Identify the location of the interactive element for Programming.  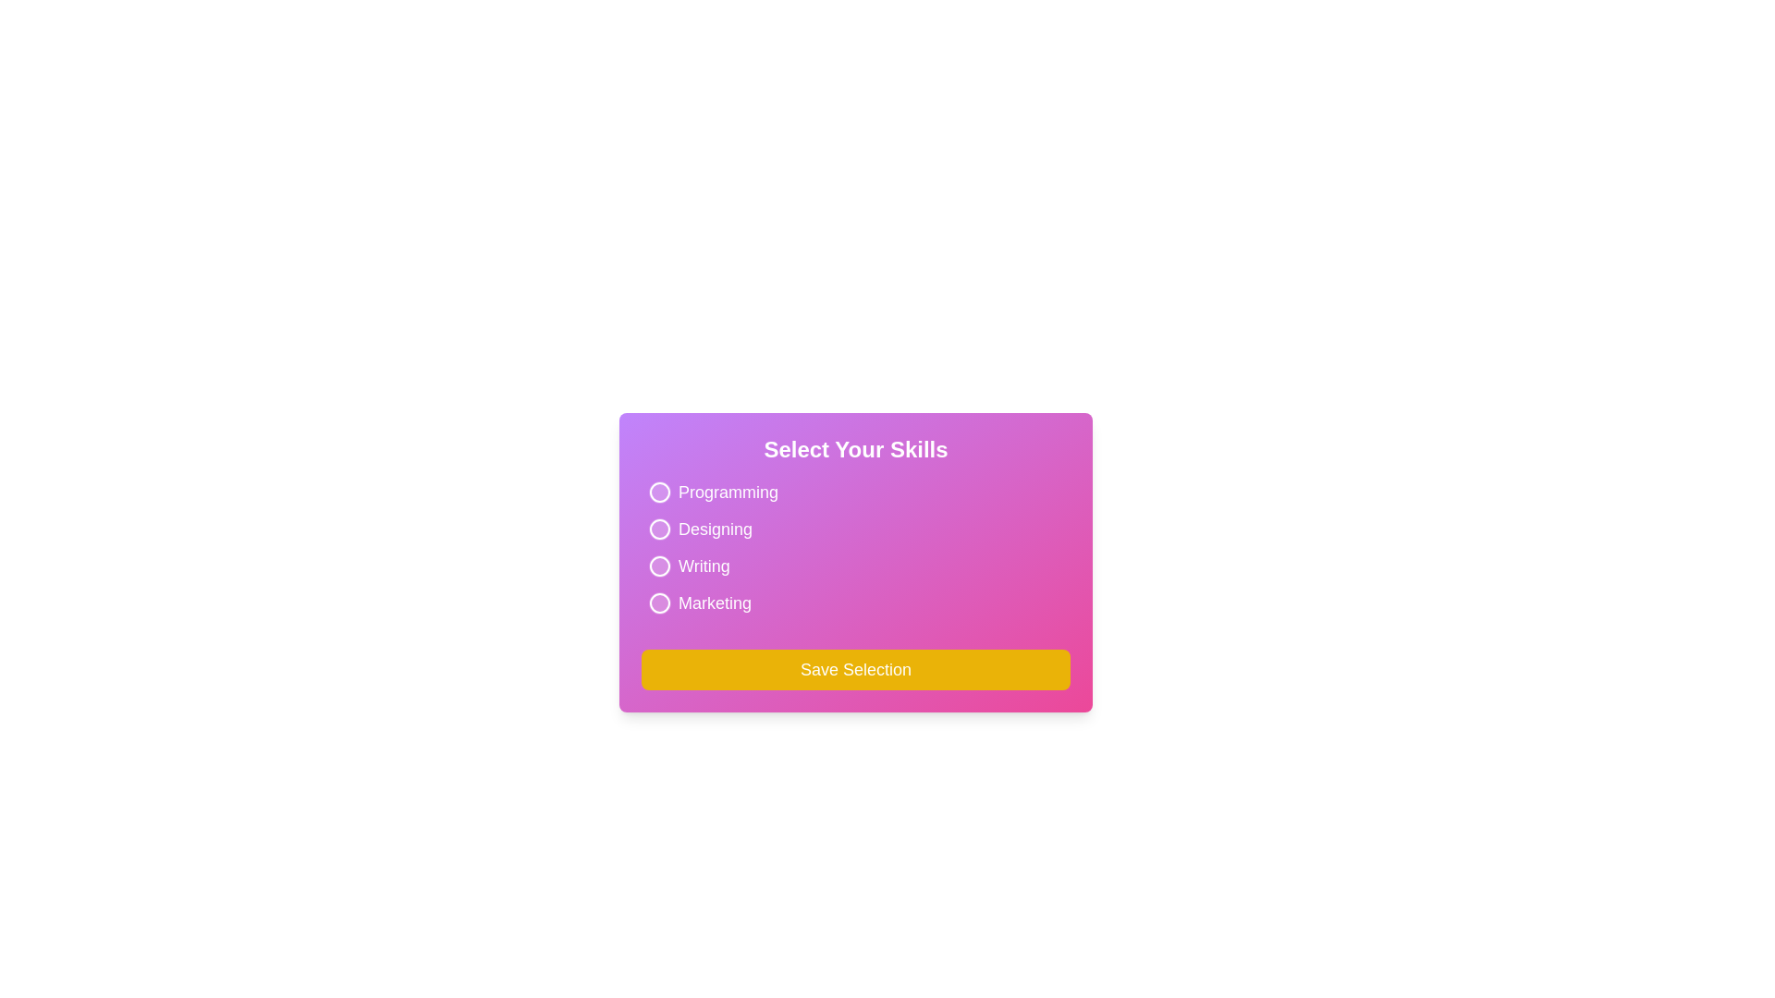
(709, 491).